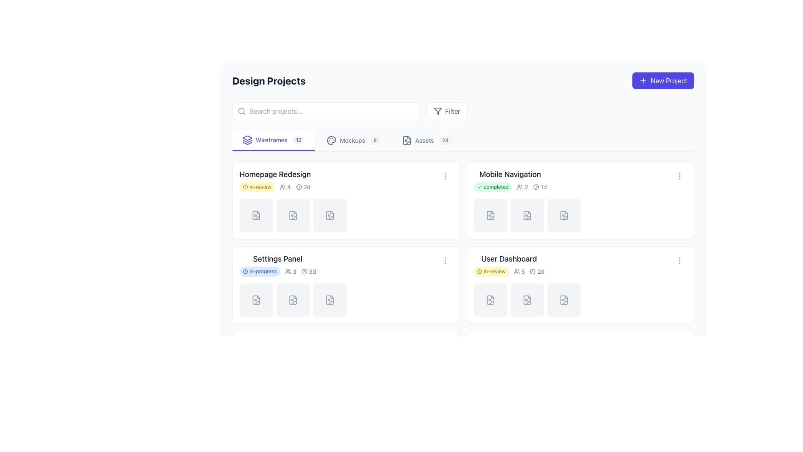 This screenshot has width=803, height=452. Describe the element at coordinates (346, 265) in the screenshot. I see `the 'Settings Panel' Project summary card` at that location.